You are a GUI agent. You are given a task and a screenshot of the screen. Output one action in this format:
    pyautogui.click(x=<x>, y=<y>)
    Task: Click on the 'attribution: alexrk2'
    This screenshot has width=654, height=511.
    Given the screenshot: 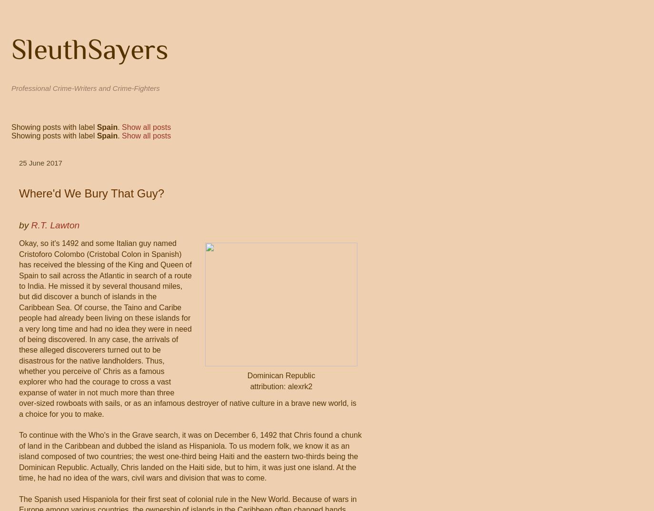 What is the action you would take?
    pyautogui.click(x=281, y=386)
    